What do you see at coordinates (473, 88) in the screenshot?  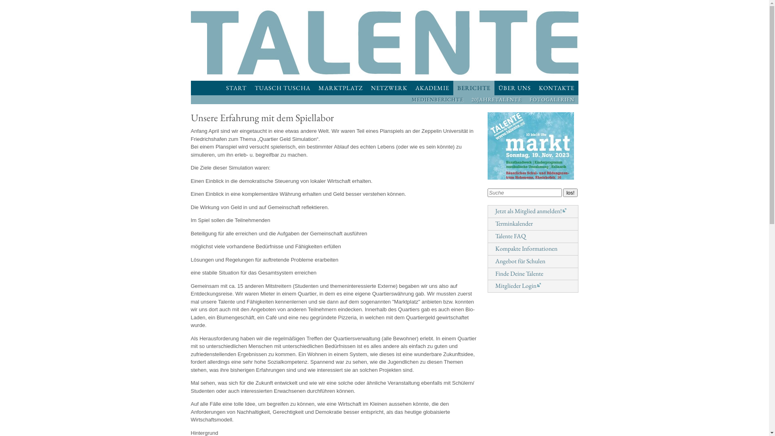 I see `'BERICHTE'` at bounding box center [473, 88].